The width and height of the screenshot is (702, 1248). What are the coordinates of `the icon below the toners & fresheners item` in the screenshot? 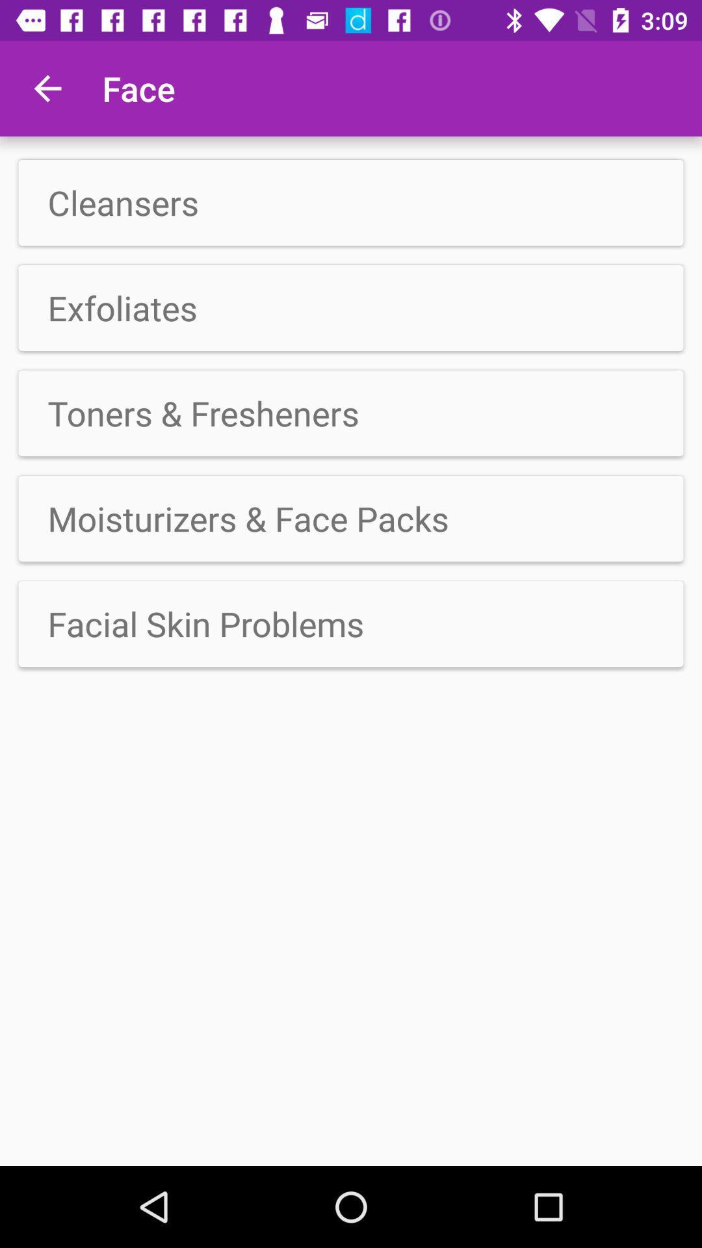 It's located at (351, 517).